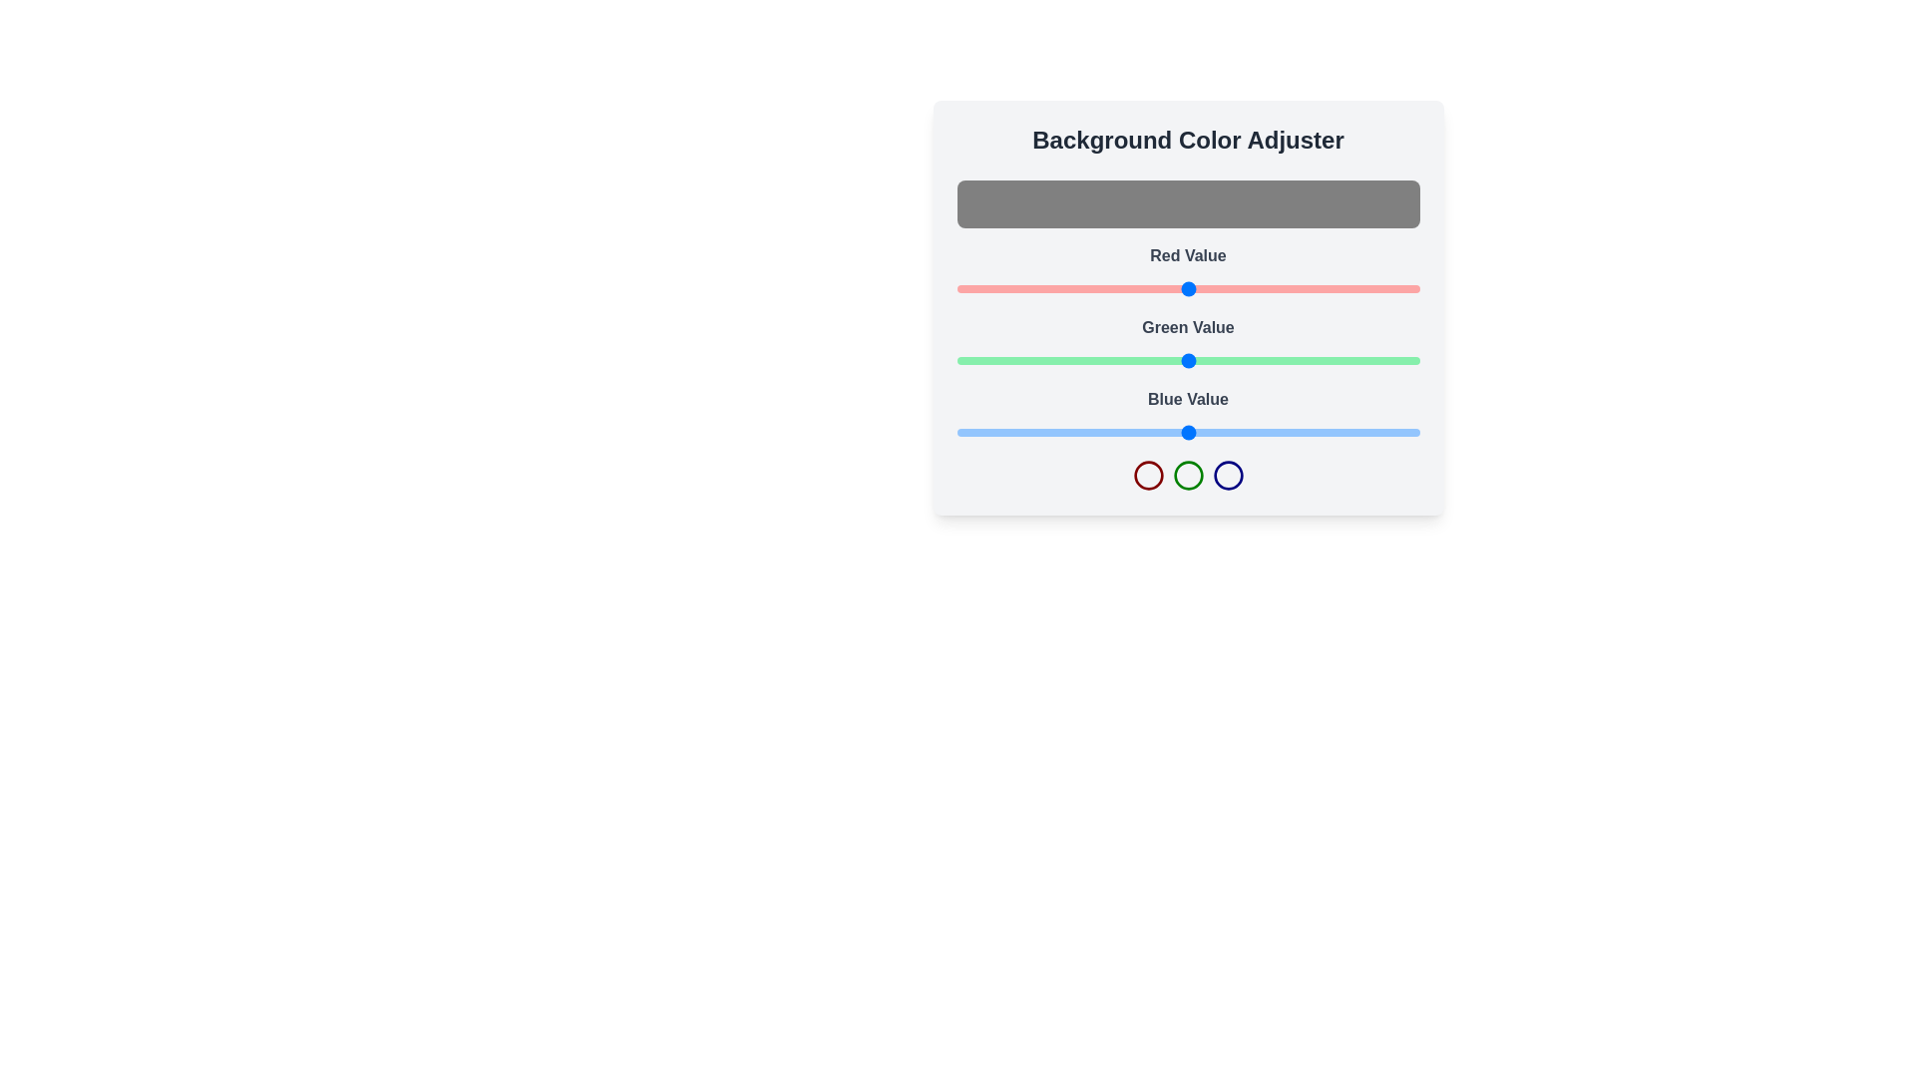 This screenshot has height=1077, width=1915. What do you see at coordinates (1154, 432) in the screenshot?
I see `the blue slider to set the blue value to 109` at bounding box center [1154, 432].